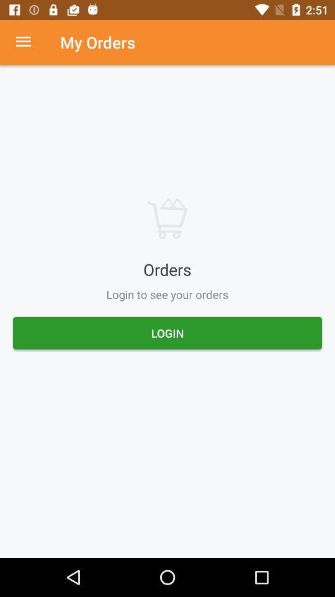  Describe the element at coordinates (30, 42) in the screenshot. I see `open list view` at that location.